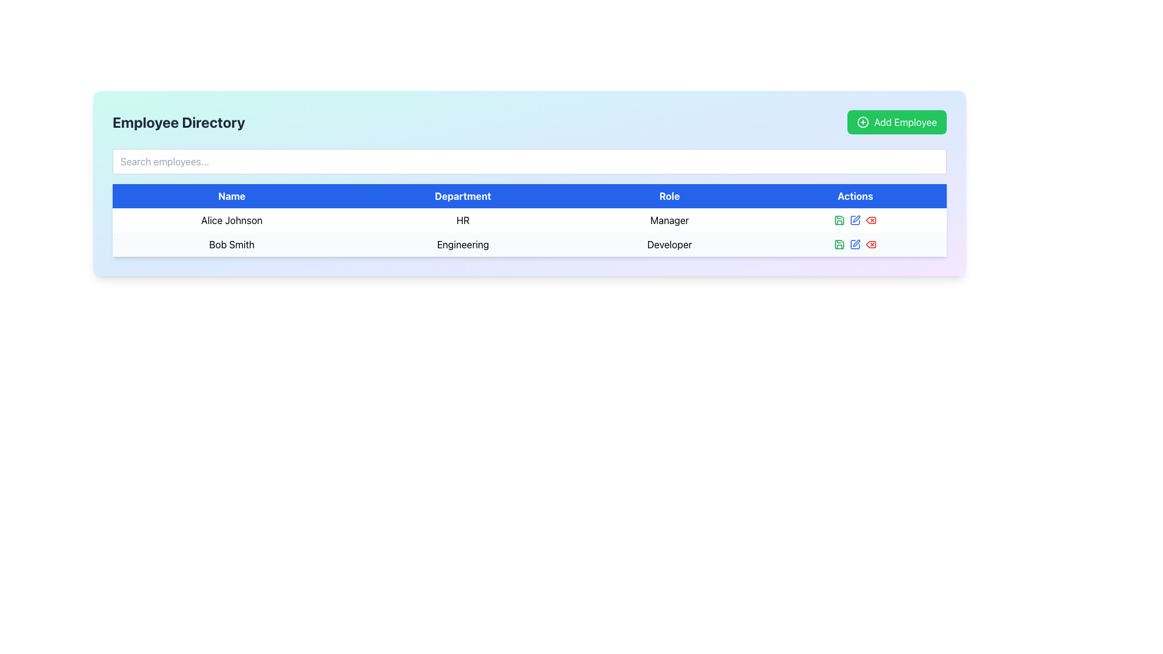 The height and width of the screenshot is (654, 1163). I want to click on information displayed in the table row for employee Alice Johnson, which includes the department (HR) and role (Manager), so click(529, 220).